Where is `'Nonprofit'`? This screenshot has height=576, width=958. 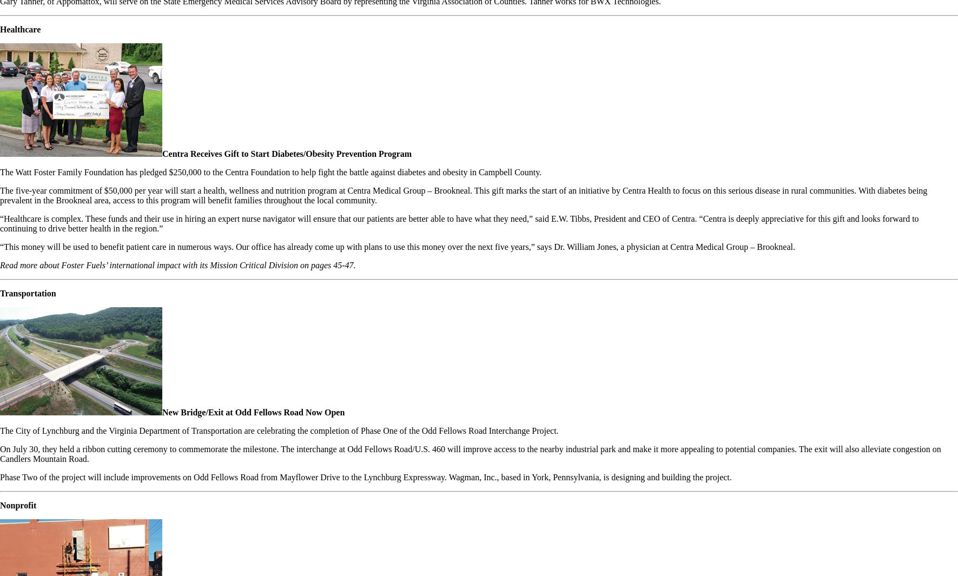 'Nonprofit' is located at coordinates (17, 505).